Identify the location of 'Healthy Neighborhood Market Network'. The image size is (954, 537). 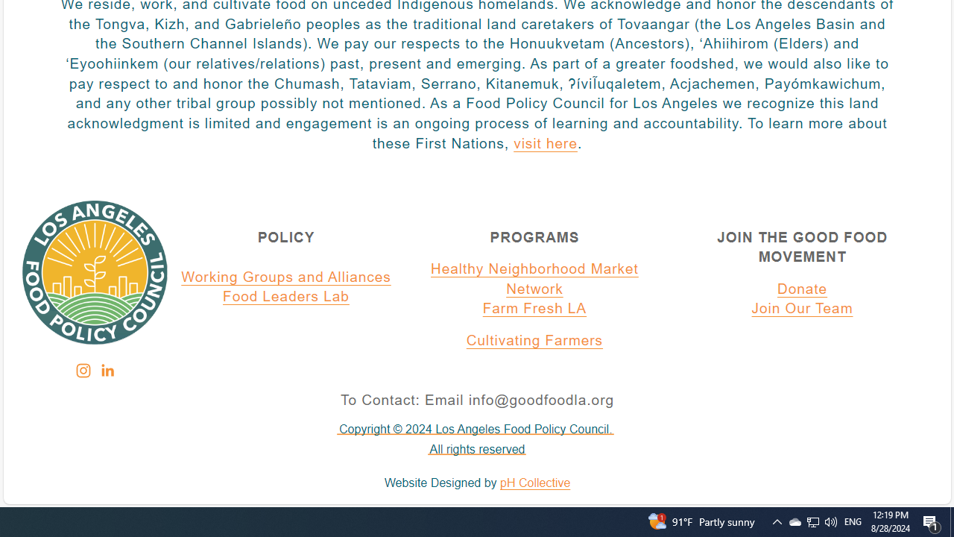
(534, 279).